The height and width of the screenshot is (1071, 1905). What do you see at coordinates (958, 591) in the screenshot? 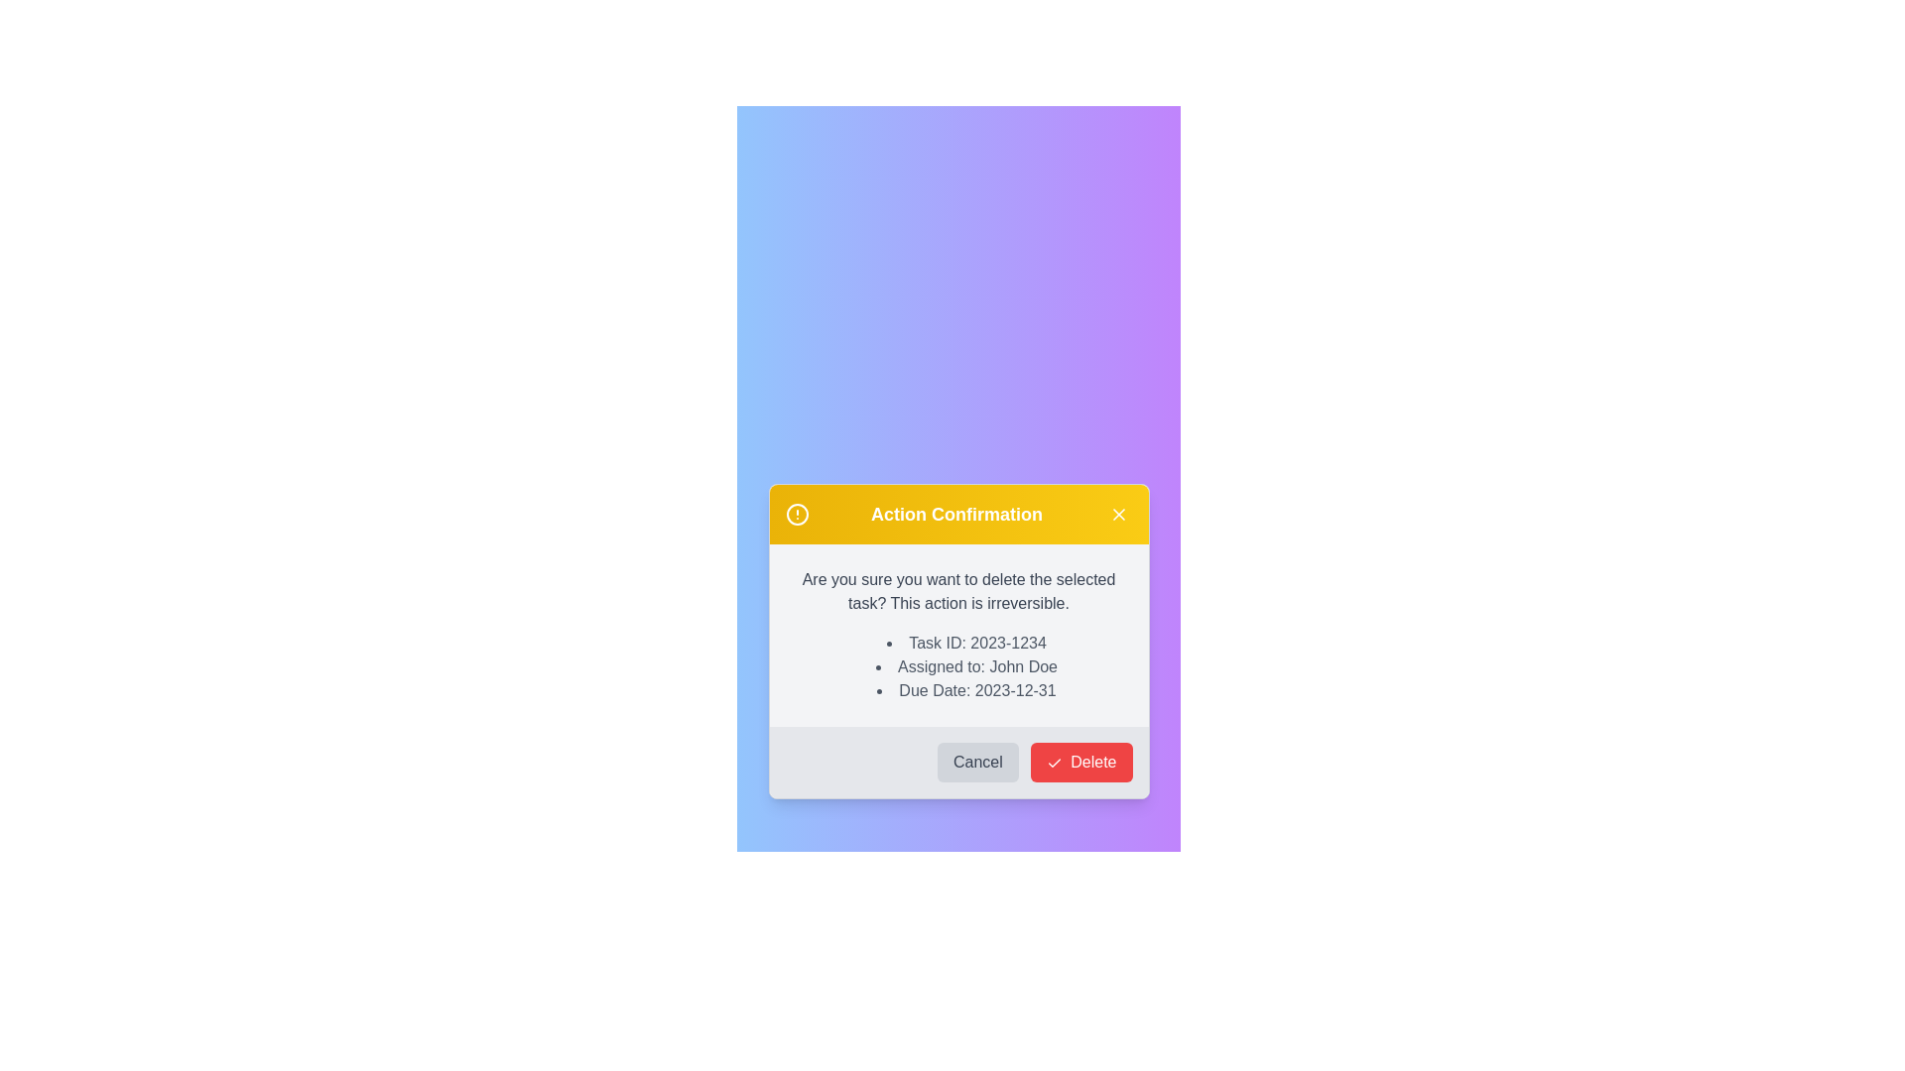
I see `the static text warning message that reads 'Are you sure you want to delete the selected task? This action is irreversible.'` at bounding box center [958, 591].